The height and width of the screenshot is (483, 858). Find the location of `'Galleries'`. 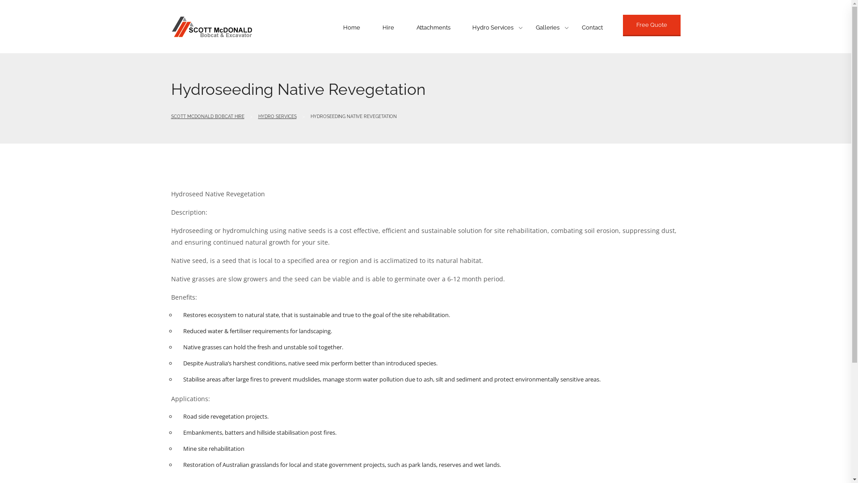

'Galleries' is located at coordinates (547, 27).